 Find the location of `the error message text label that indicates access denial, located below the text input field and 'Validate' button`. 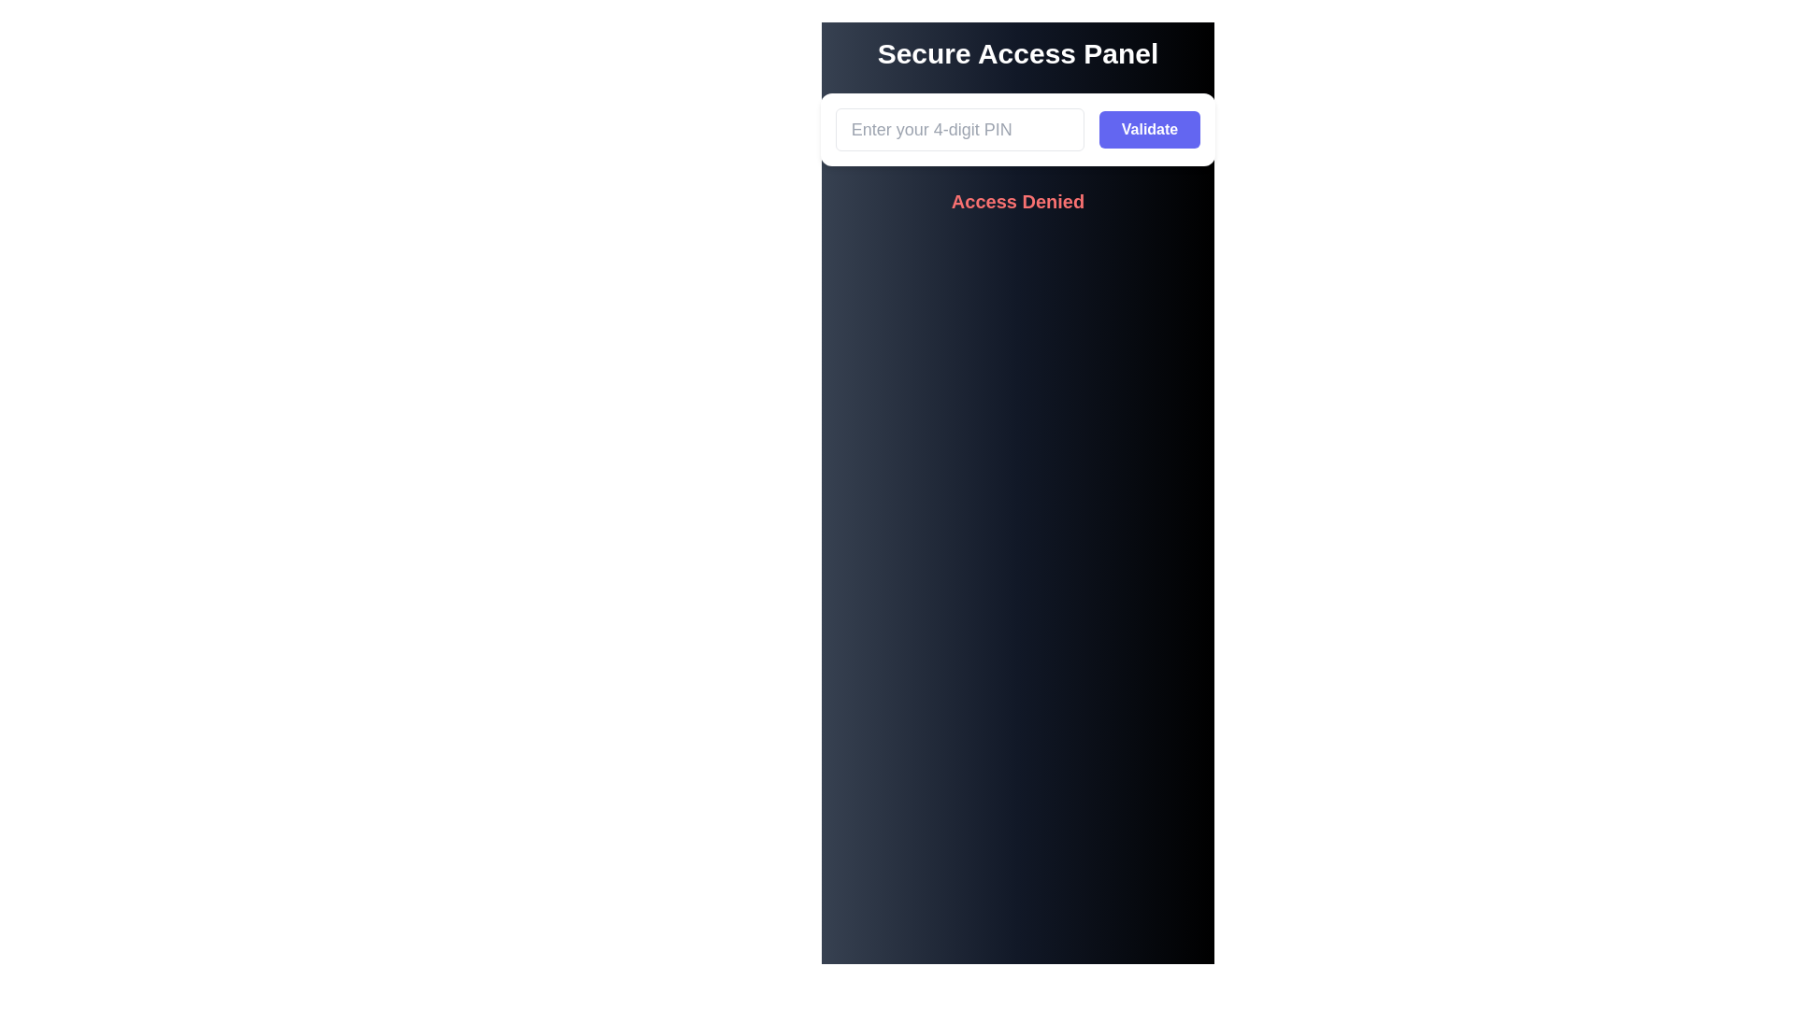

the error message text label that indicates access denial, located below the text input field and 'Validate' button is located at coordinates (1017, 202).